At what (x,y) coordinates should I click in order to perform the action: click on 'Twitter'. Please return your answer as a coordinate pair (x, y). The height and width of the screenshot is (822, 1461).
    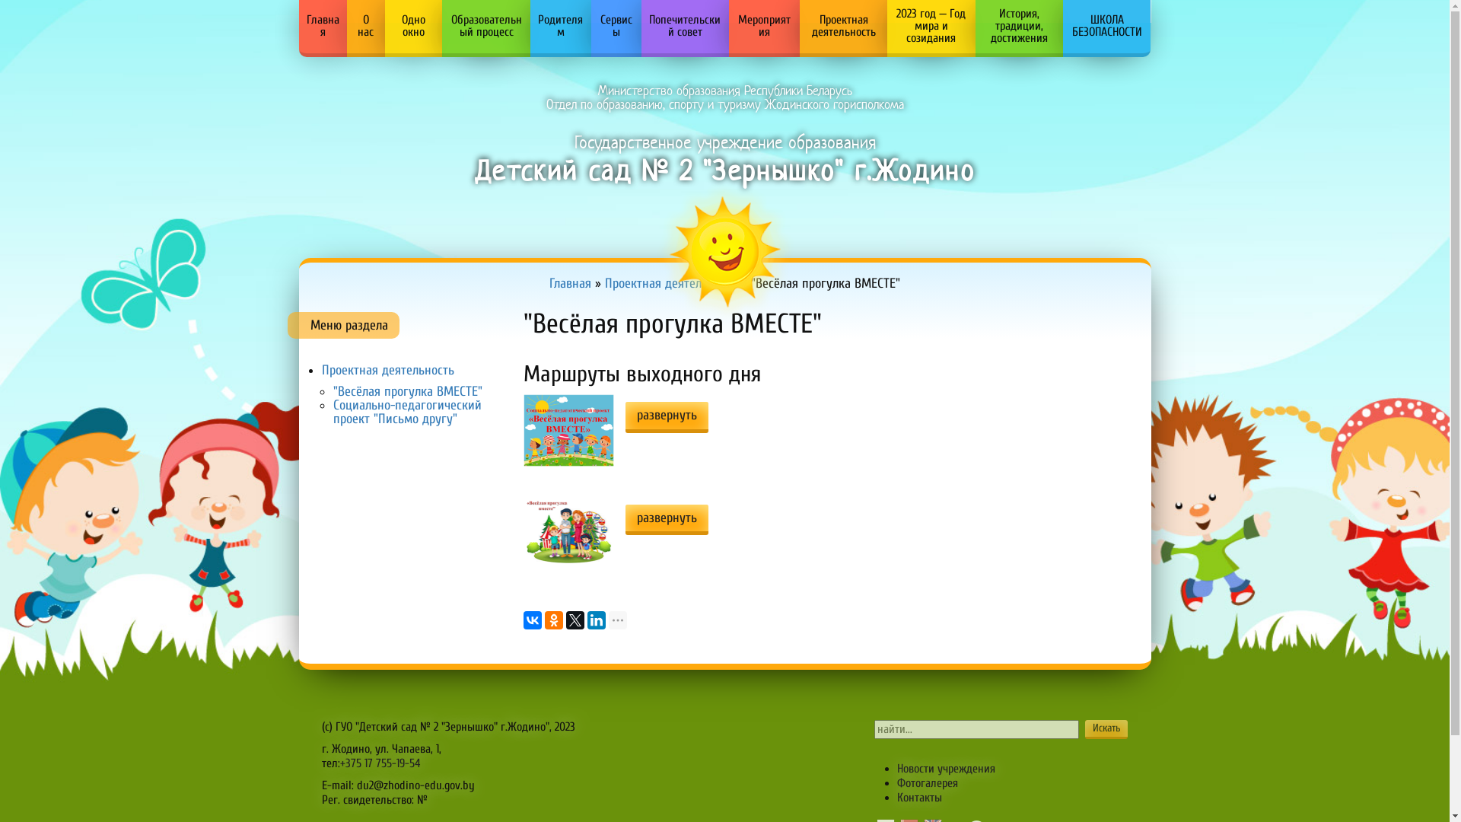
    Looking at the image, I should click on (565, 620).